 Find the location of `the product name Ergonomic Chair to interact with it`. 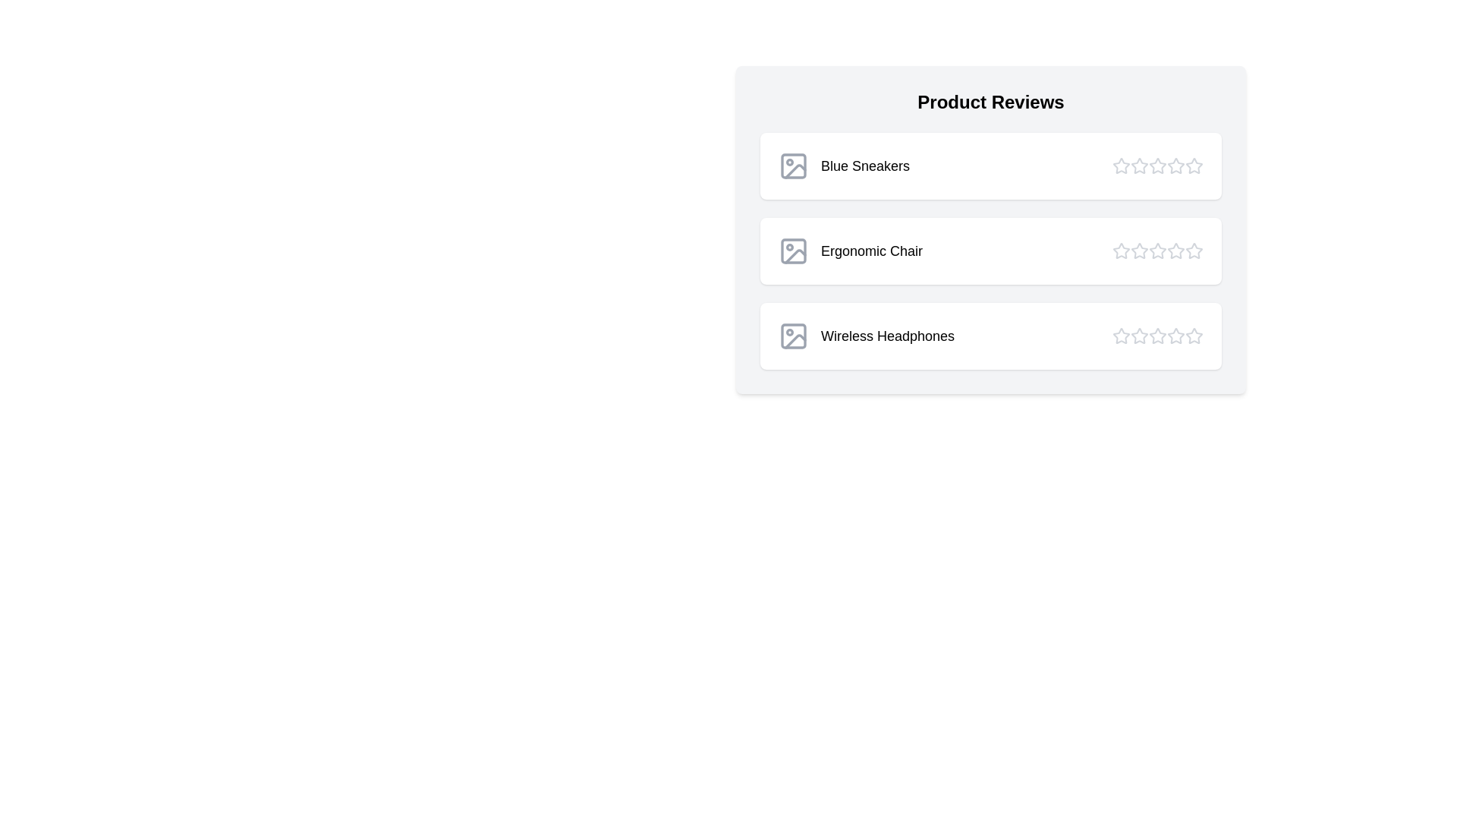

the product name Ergonomic Chair to interact with it is located at coordinates (872, 251).